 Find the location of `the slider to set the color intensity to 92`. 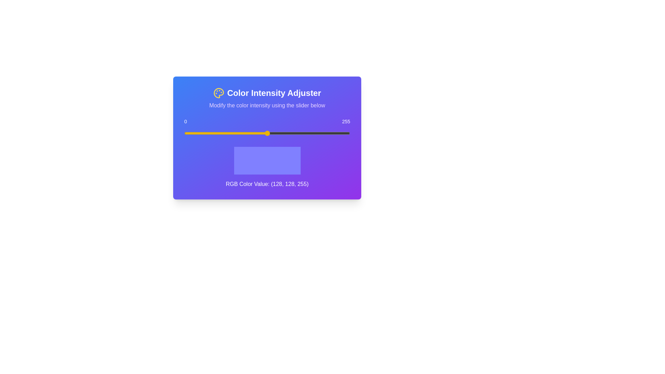

the slider to set the color intensity to 92 is located at coordinates (244, 133).